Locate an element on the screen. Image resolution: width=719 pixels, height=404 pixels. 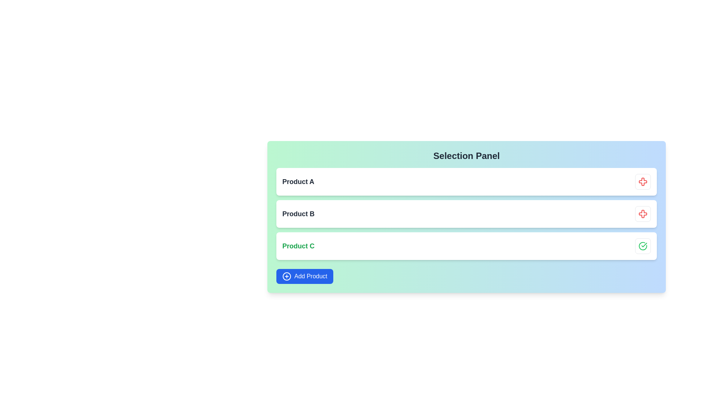
the 'Add Product' button, which is a rectangular button with a bright blue background and white text, located at the bottom-left corner of the panel containing products labeled 'Product A', 'Product B', and 'Product C' is located at coordinates (305, 276).